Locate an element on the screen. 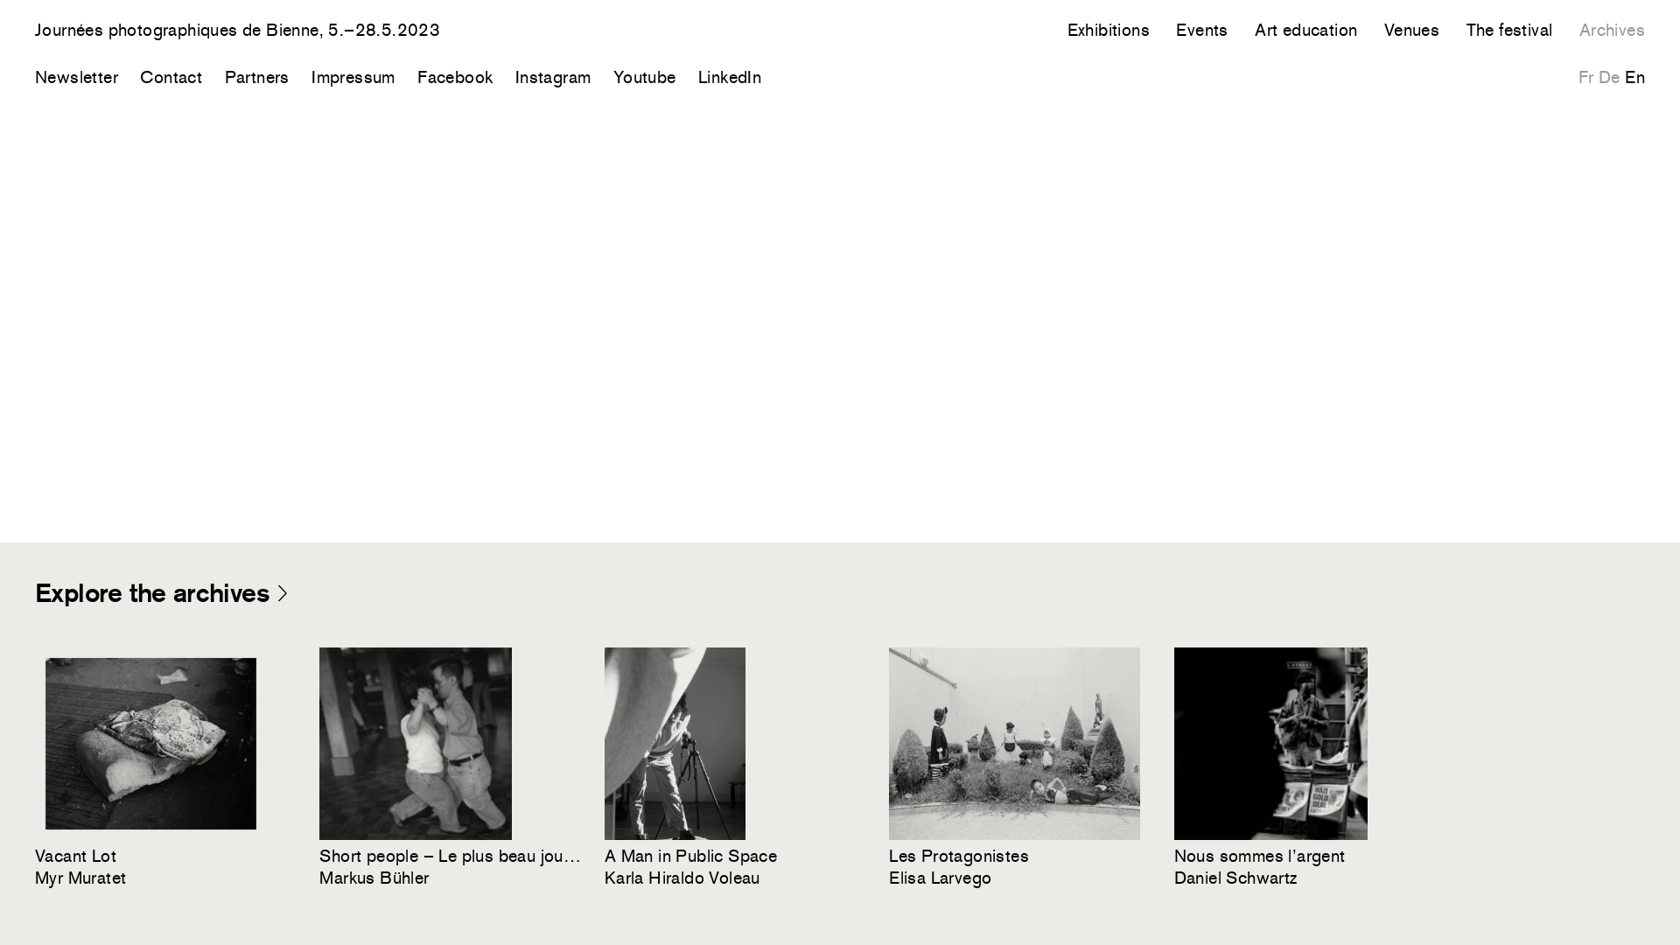 The height and width of the screenshot is (945, 1680). 'Venues' is located at coordinates (1411, 30).